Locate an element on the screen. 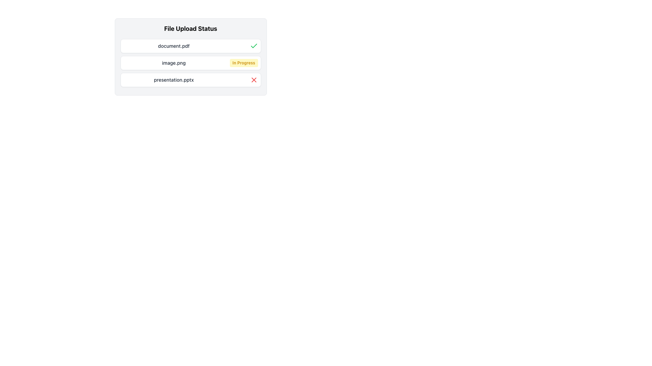  the text label that displays the name of the file, specifically positioned between 'document.pdf' and 'presentation.pptx' in the list is located at coordinates (174, 63).